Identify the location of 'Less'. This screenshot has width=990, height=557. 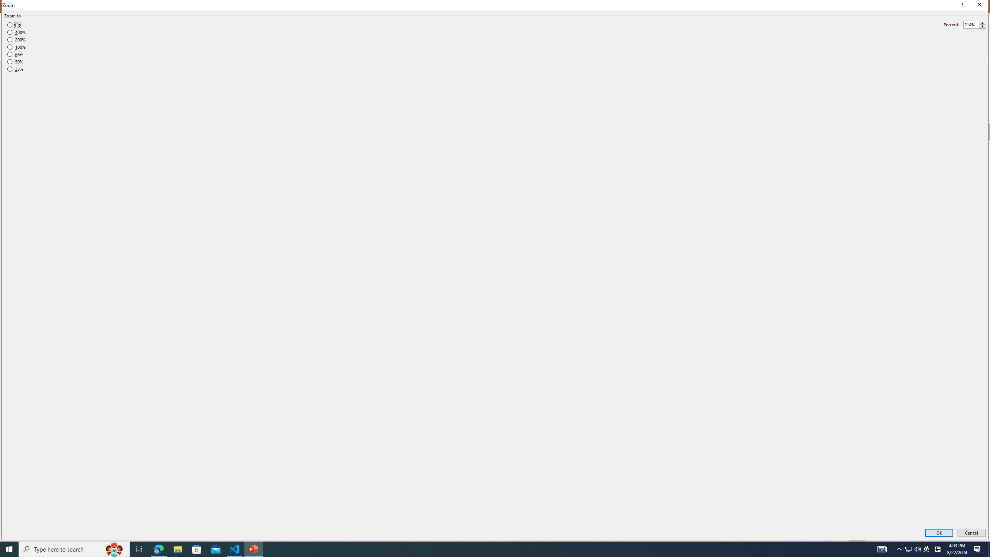
(982, 26).